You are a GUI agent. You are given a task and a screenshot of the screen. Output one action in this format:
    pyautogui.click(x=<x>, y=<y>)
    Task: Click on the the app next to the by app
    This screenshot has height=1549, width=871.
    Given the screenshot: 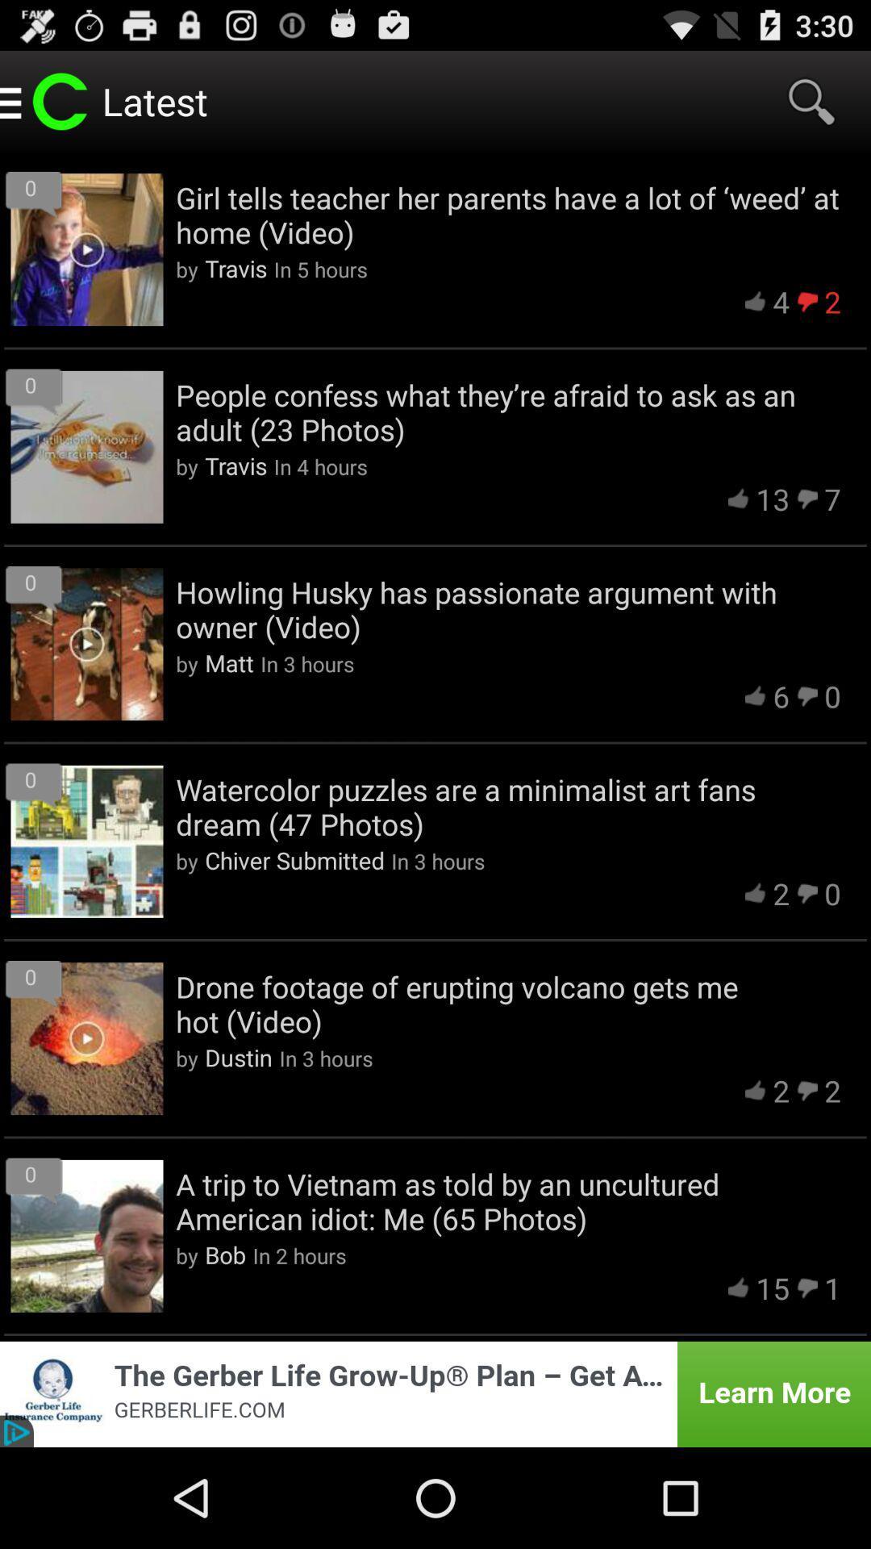 What is the action you would take?
    pyautogui.click(x=294, y=859)
    